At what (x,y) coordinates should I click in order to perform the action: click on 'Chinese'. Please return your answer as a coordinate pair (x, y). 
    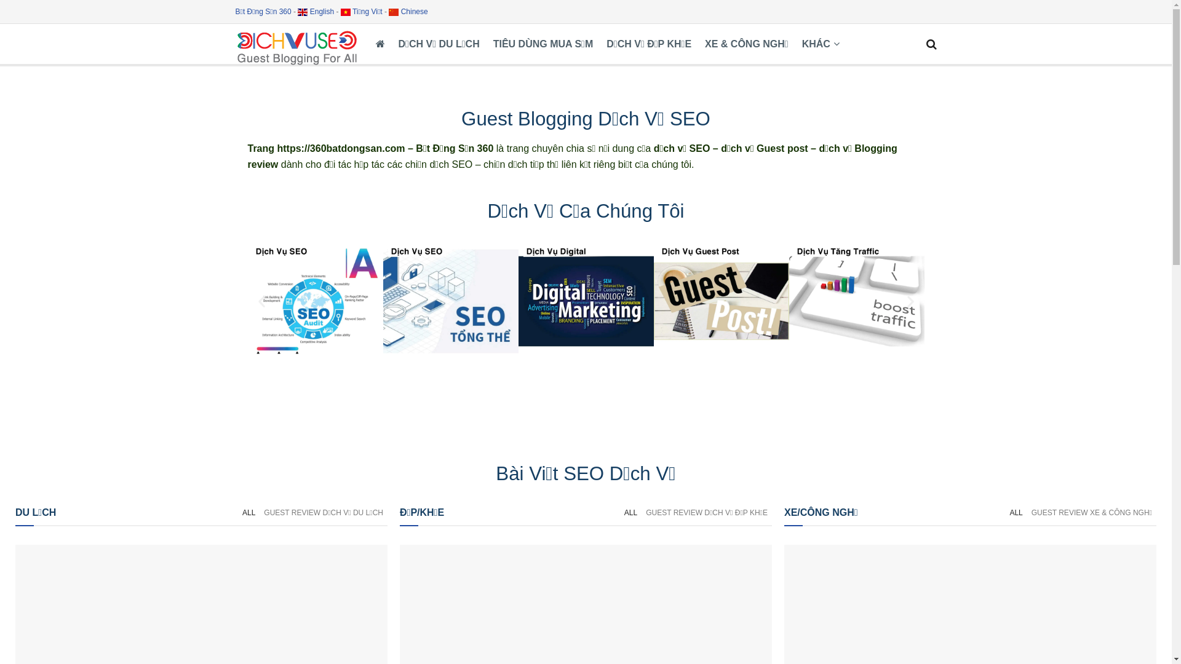
    Looking at the image, I should click on (408, 12).